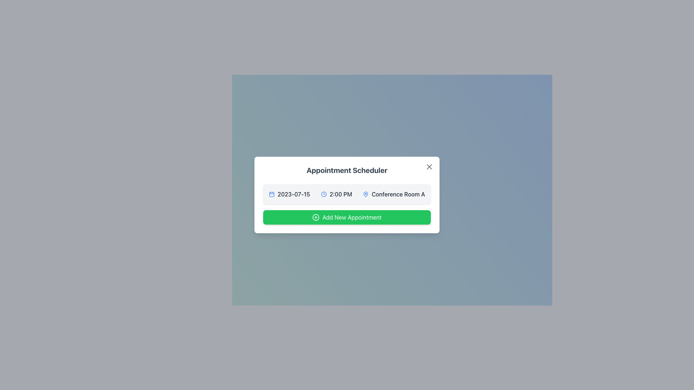 The height and width of the screenshot is (390, 694). Describe the element at coordinates (316, 217) in the screenshot. I see `the green button labeled 'Add New Appointment' that contains the icon for adding or creating a new item` at that location.